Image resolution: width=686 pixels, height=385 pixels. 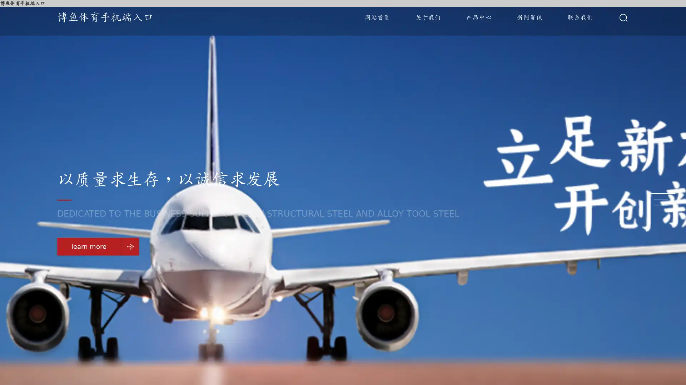 What do you see at coordinates (660, 206) in the screenshot?
I see `Go to slide 3` at bounding box center [660, 206].